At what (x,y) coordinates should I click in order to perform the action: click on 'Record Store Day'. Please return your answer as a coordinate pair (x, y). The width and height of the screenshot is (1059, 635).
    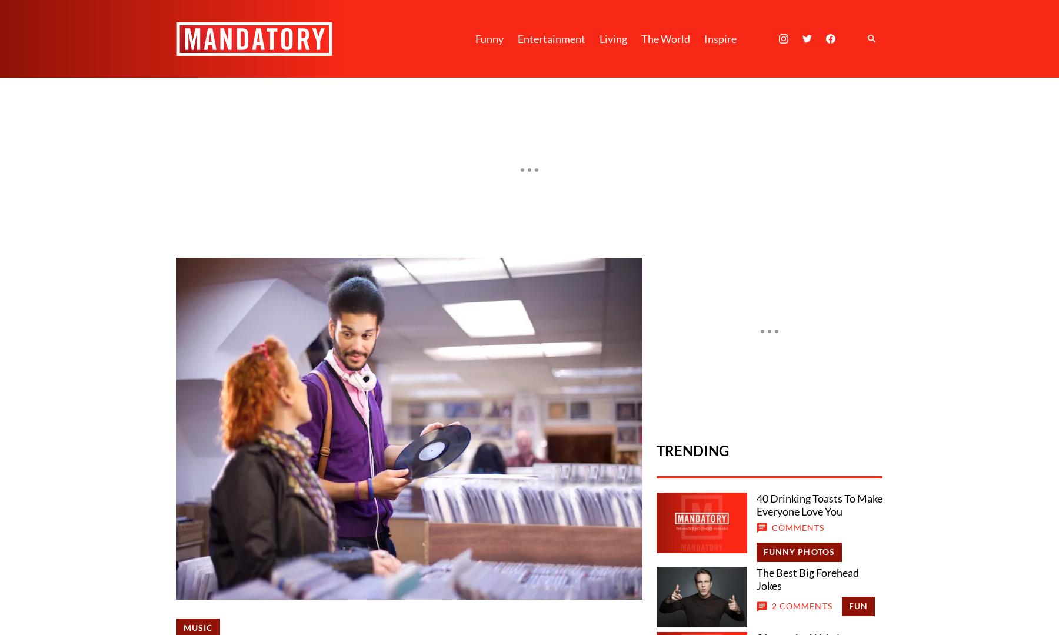
    Looking at the image, I should click on (549, 465).